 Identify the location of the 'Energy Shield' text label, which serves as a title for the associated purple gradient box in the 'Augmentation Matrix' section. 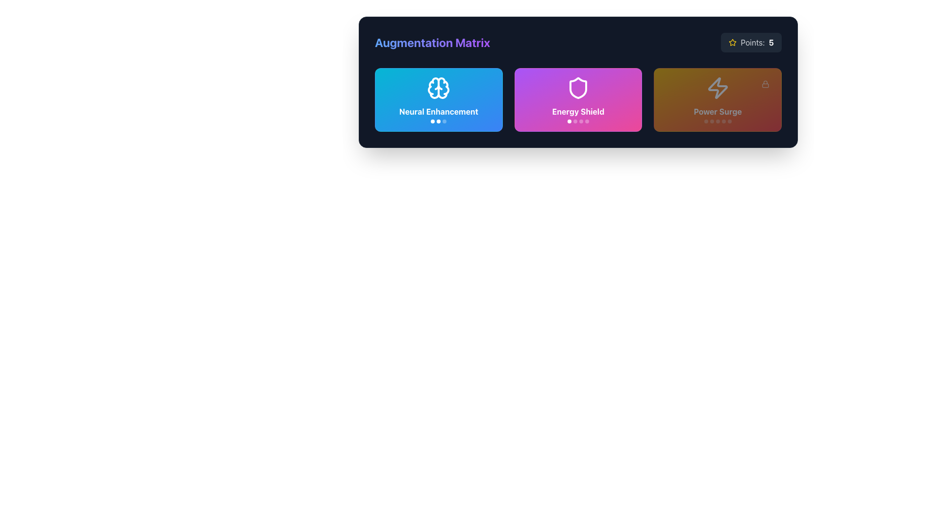
(578, 114).